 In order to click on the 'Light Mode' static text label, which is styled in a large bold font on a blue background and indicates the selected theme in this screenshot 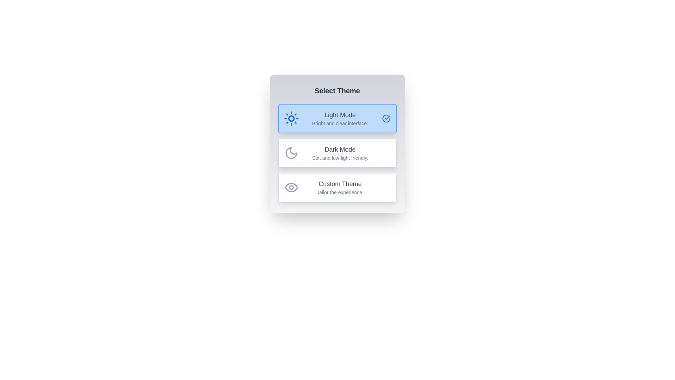, I will do `click(340, 115)`.